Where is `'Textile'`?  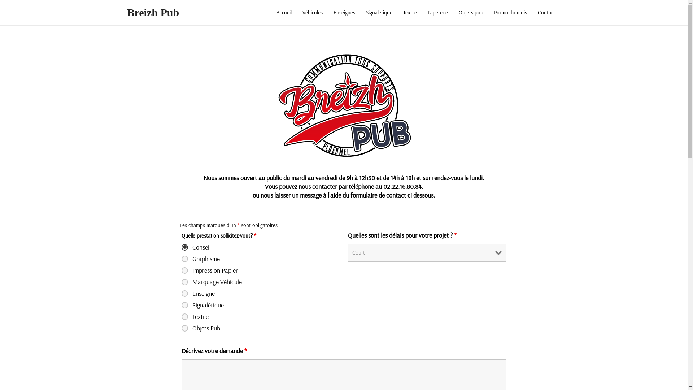
'Textile' is located at coordinates (410, 12).